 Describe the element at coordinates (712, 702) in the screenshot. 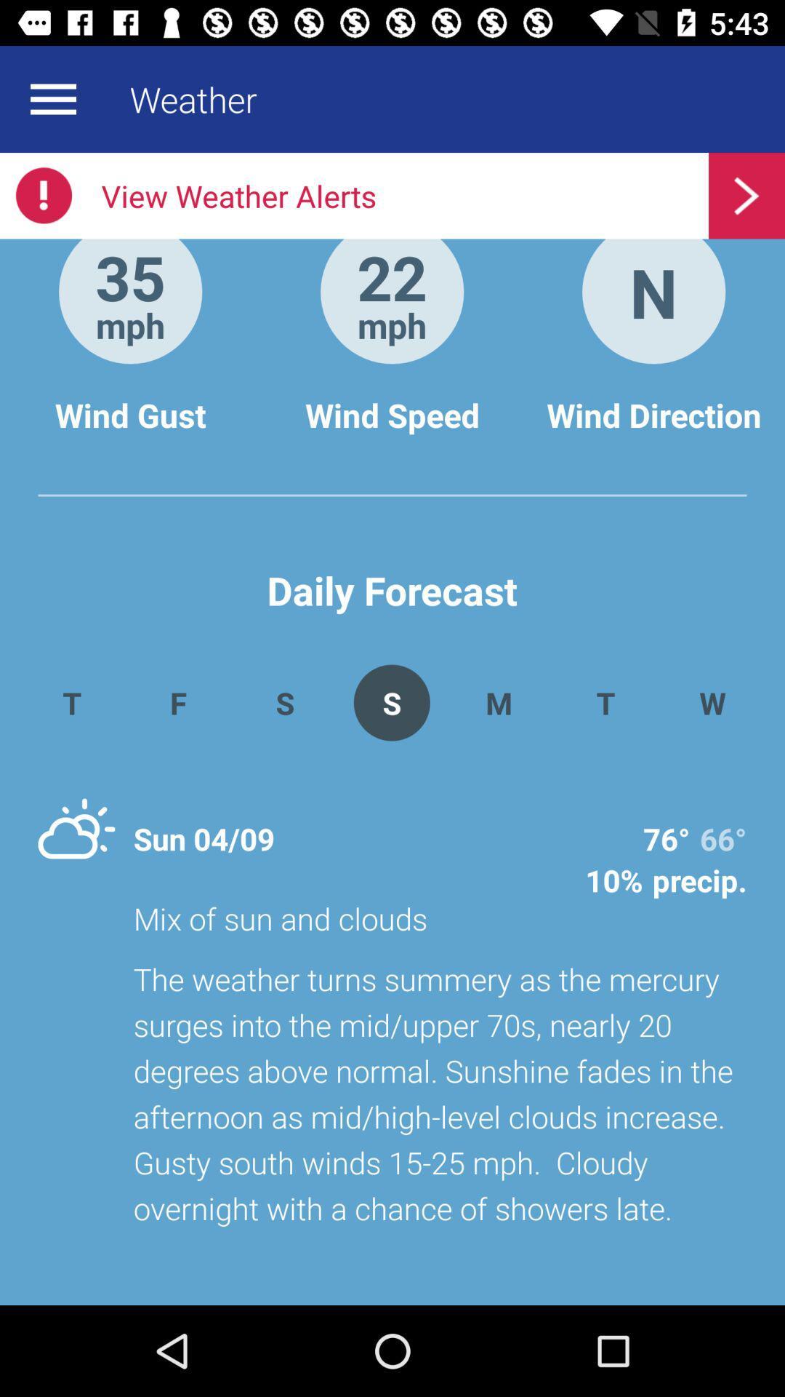

I see `w item` at that location.